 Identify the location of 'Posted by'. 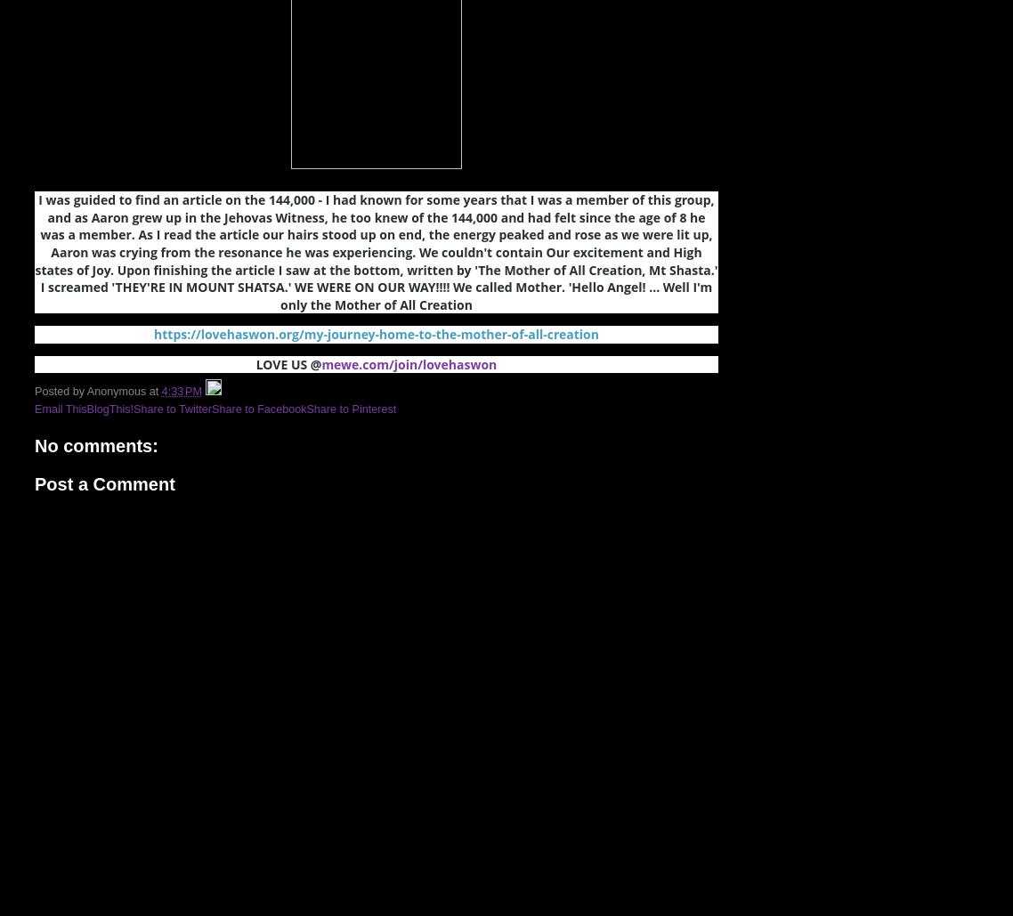
(60, 389).